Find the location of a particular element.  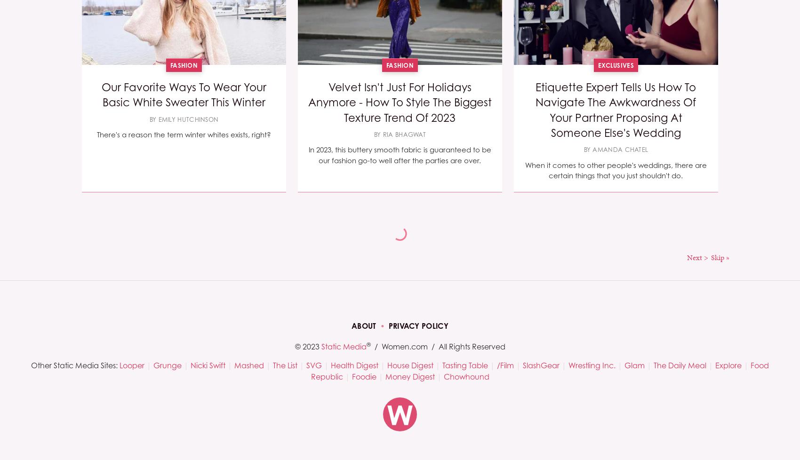

'Why You Should Never Mix Up The Order Of Your Skincare' is located at coordinates (399, 347).